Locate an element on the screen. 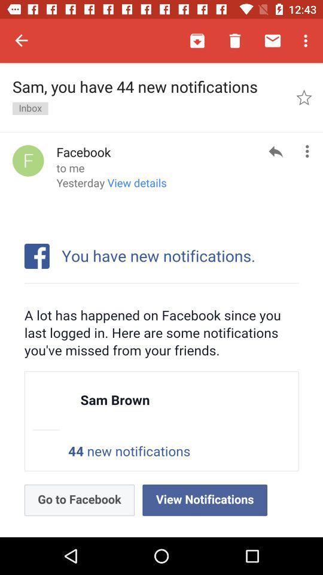  the avatar icon is located at coordinates (28, 160).